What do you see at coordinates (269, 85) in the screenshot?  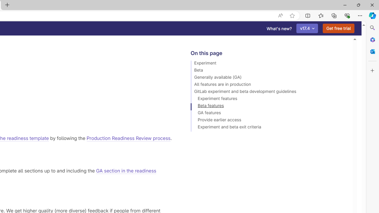 I see `'All features are in production'` at bounding box center [269, 85].